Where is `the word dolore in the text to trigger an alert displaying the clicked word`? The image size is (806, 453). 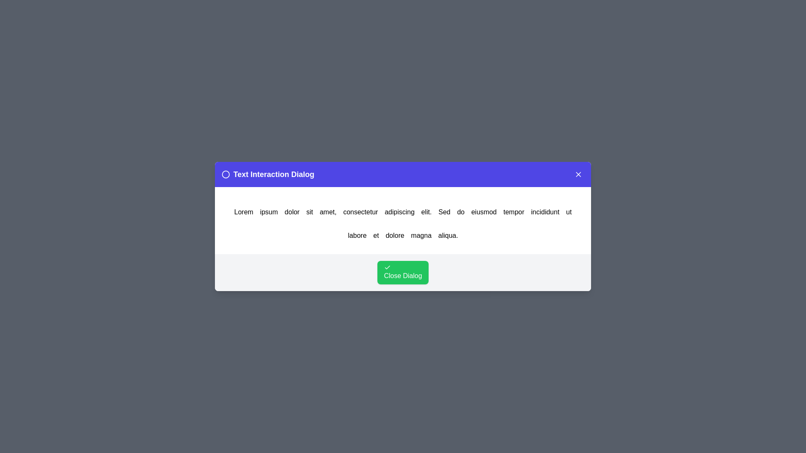 the word dolore in the text to trigger an alert displaying the clicked word is located at coordinates (394, 236).